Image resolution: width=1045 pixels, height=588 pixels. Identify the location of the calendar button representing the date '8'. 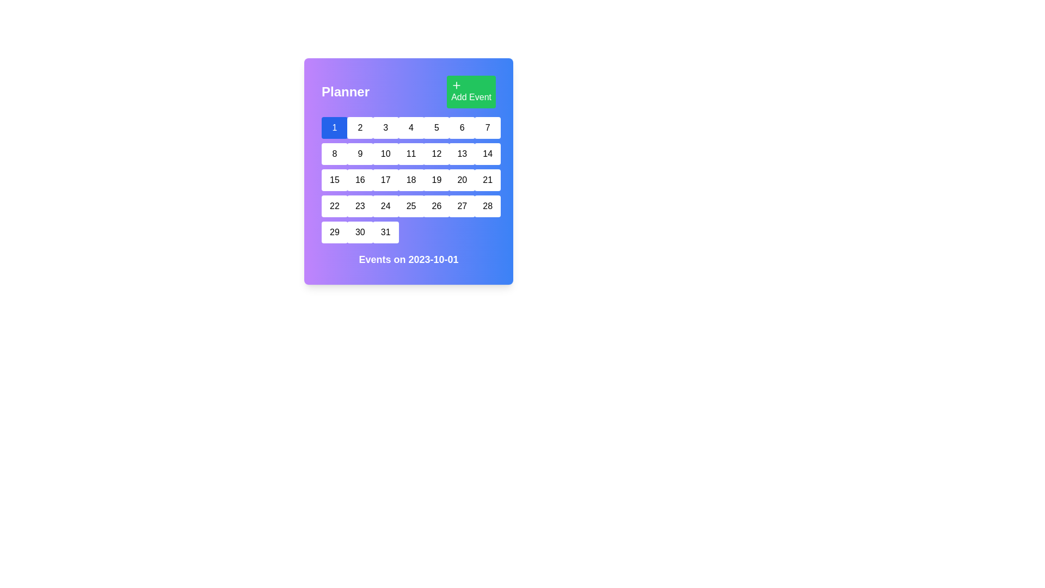
(334, 154).